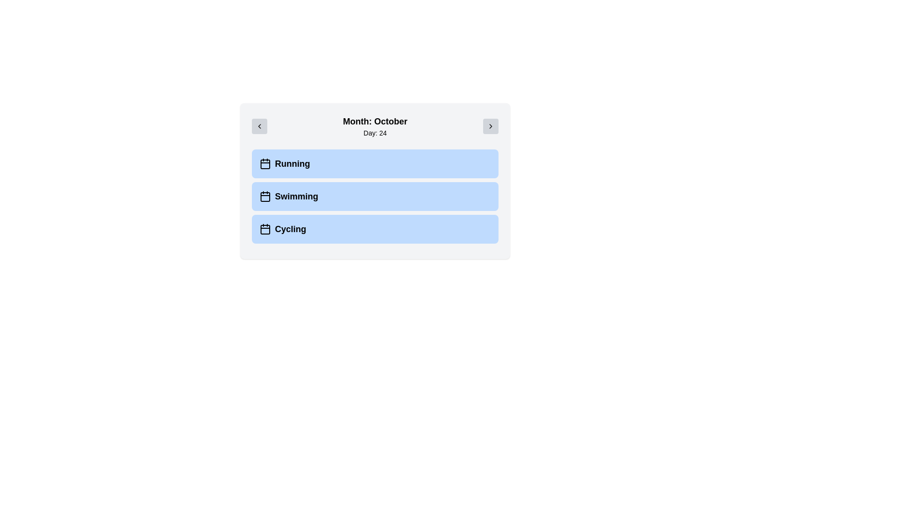 Image resolution: width=923 pixels, height=519 pixels. I want to click on the small rectangular button with rounded corners and a leftward-pointing chevron icon, so click(259, 125).